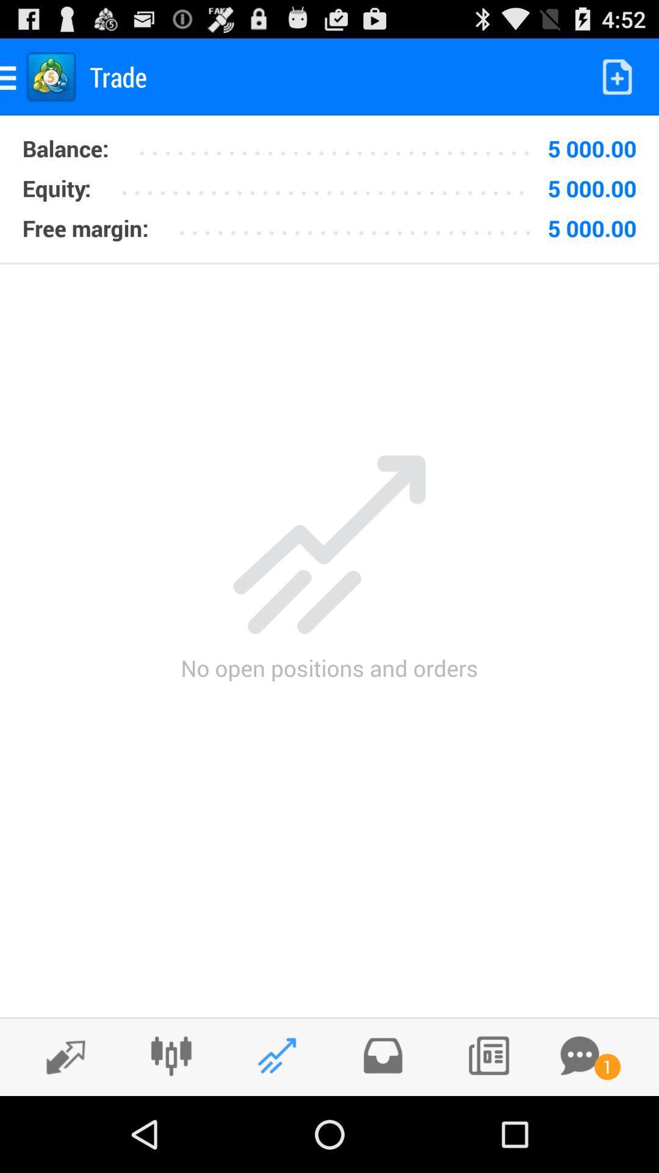 The height and width of the screenshot is (1173, 659). I want to click on the sliders icon, so click(171, 1129).